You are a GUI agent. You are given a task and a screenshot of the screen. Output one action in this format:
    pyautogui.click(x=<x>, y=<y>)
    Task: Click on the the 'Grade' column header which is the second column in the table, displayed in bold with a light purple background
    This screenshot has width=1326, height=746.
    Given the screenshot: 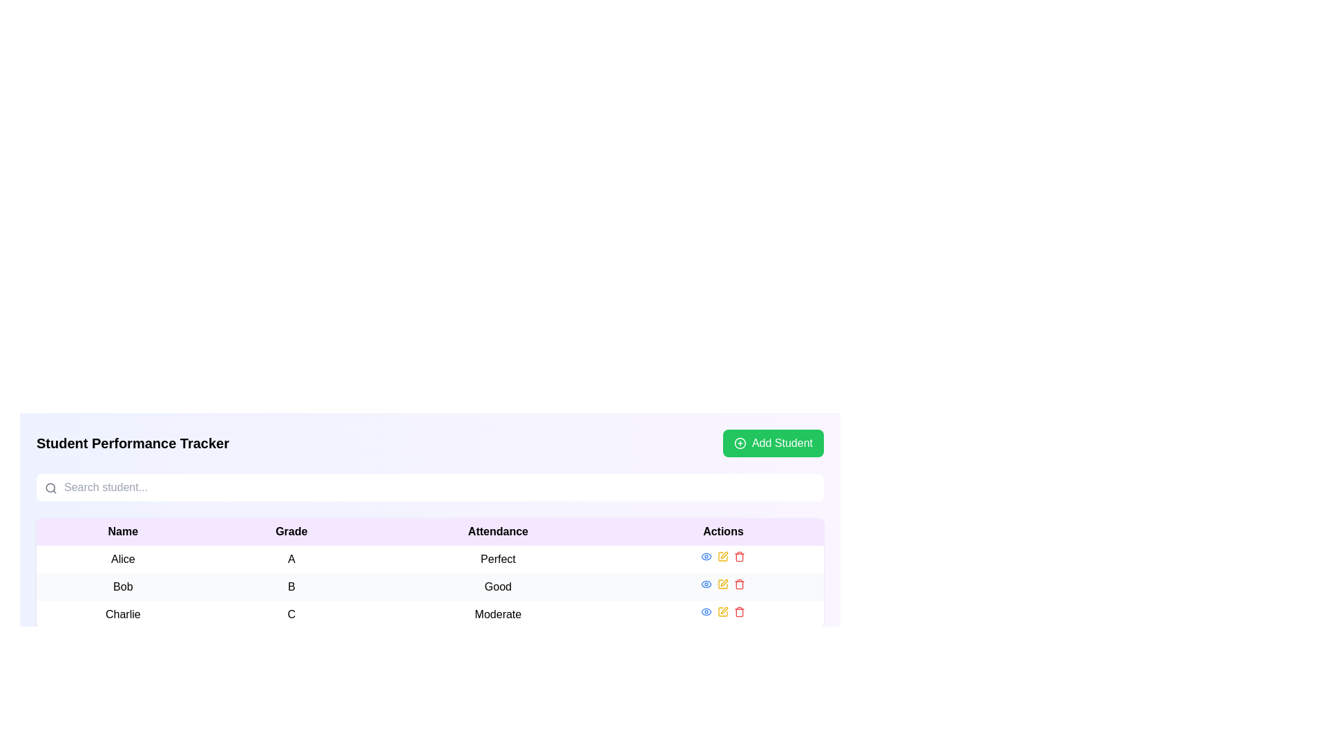 What is the action you would take?
    pyautogui.click(x=291, y=531)
    